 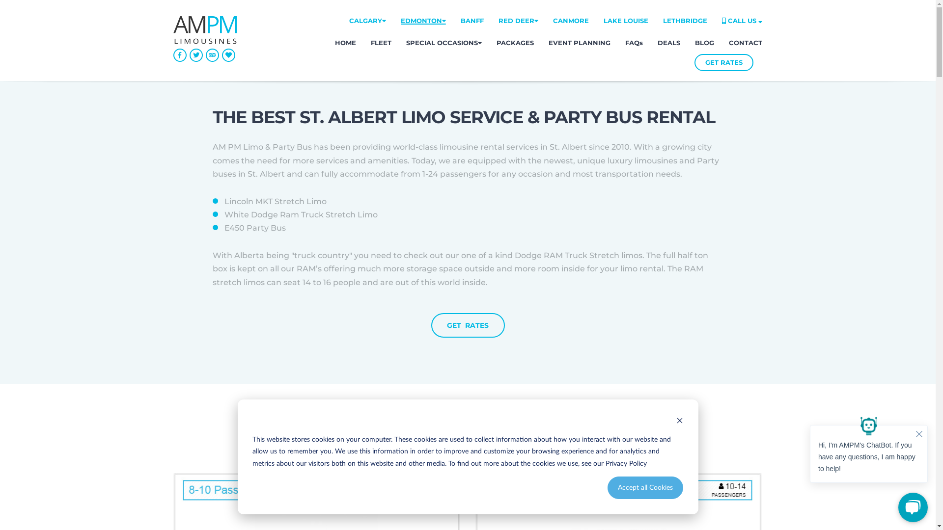 I want to click on 'CANMORE', so click(x=553, y=21).